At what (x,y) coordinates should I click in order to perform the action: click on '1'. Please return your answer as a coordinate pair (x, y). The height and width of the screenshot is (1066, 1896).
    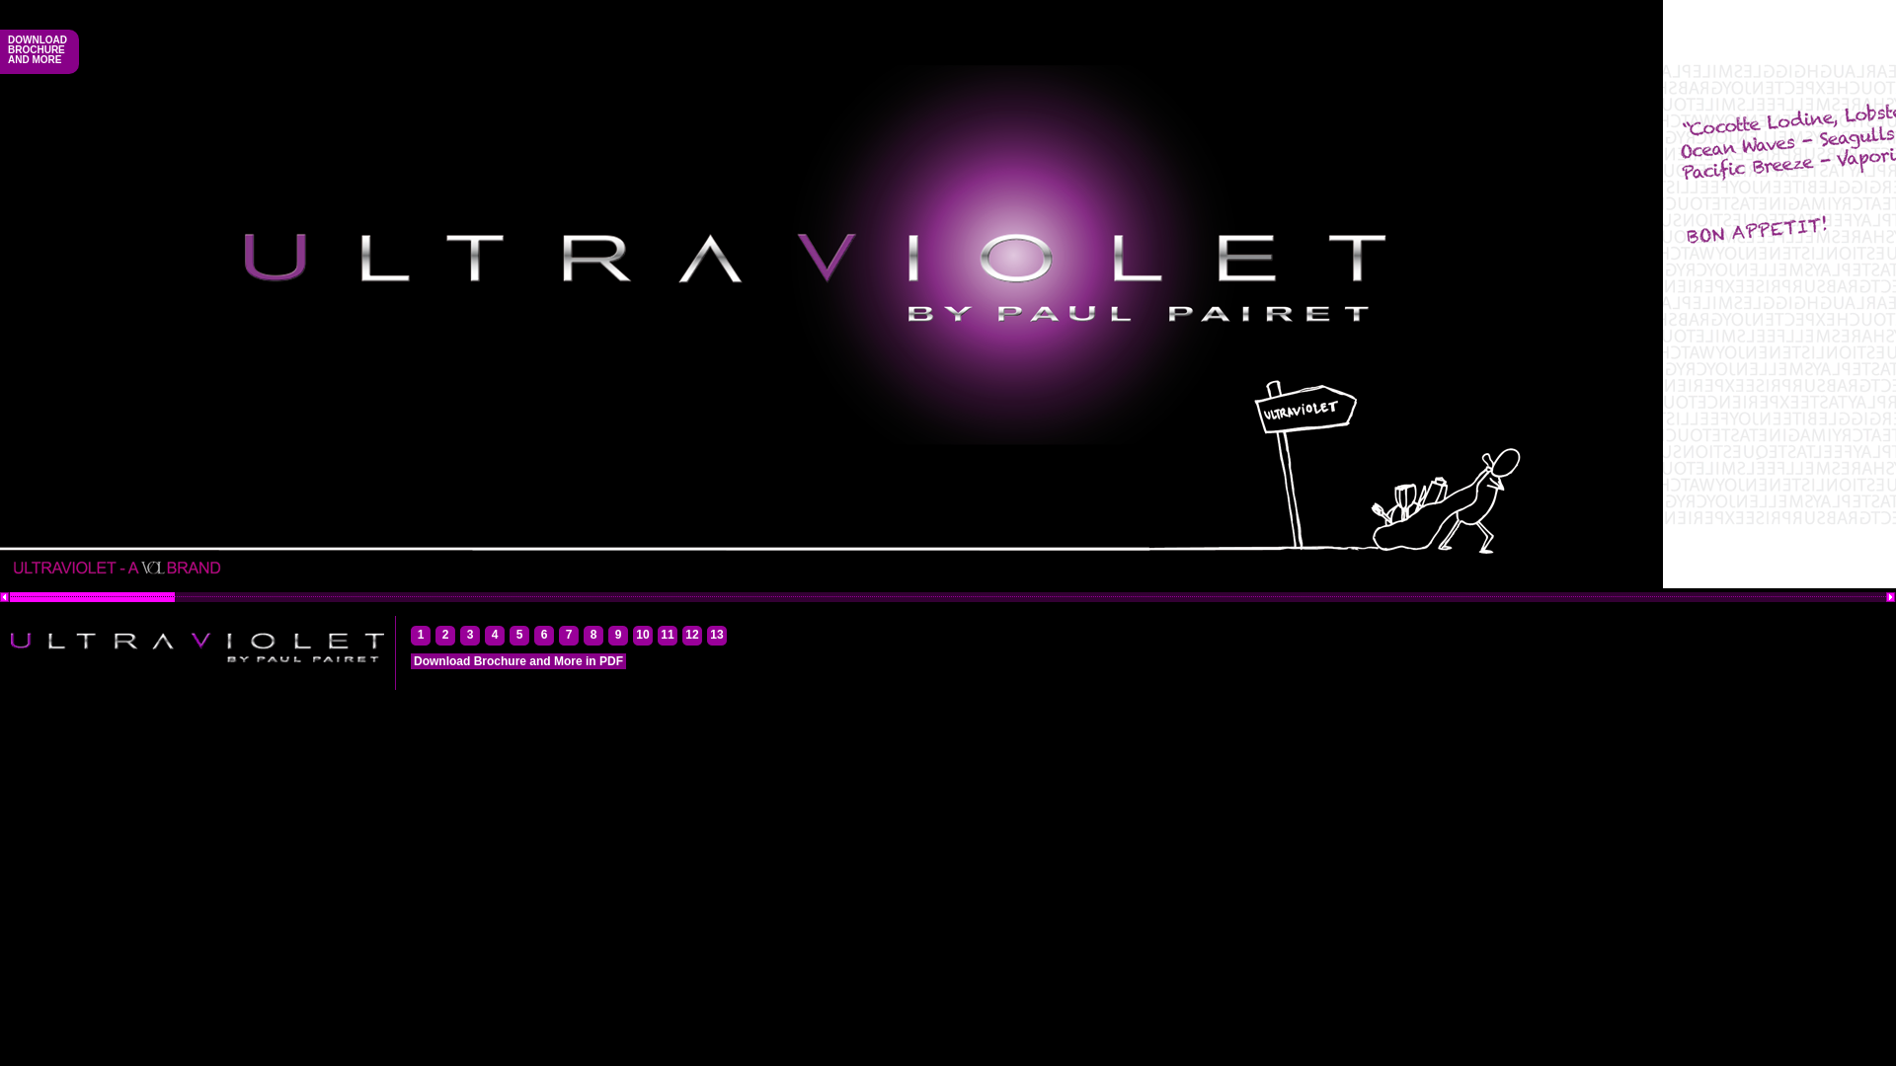
    Looking at the image, I should click on (420, 636).